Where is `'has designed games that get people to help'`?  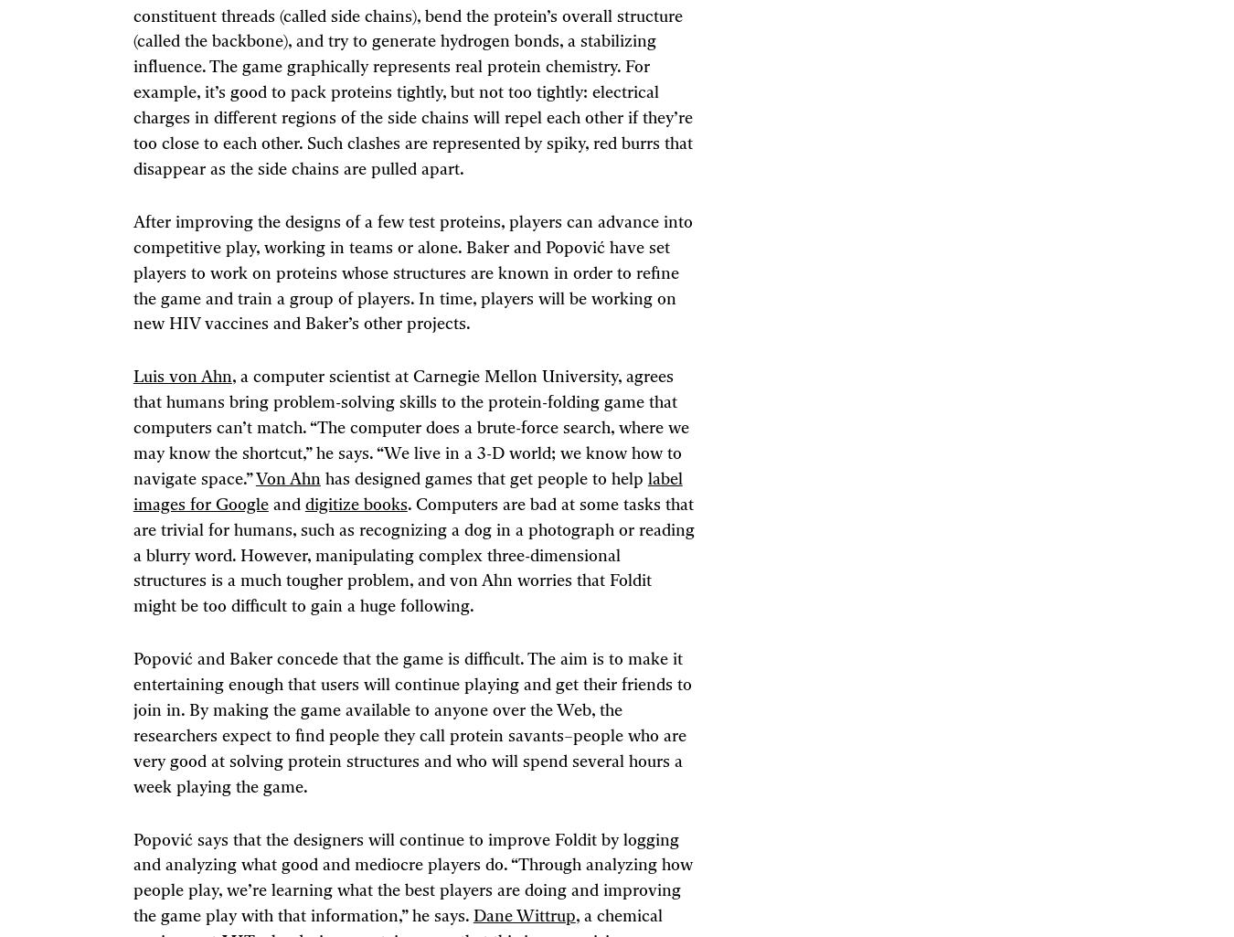
'has designed games that get people to help' is located at coordinates (483, 478).